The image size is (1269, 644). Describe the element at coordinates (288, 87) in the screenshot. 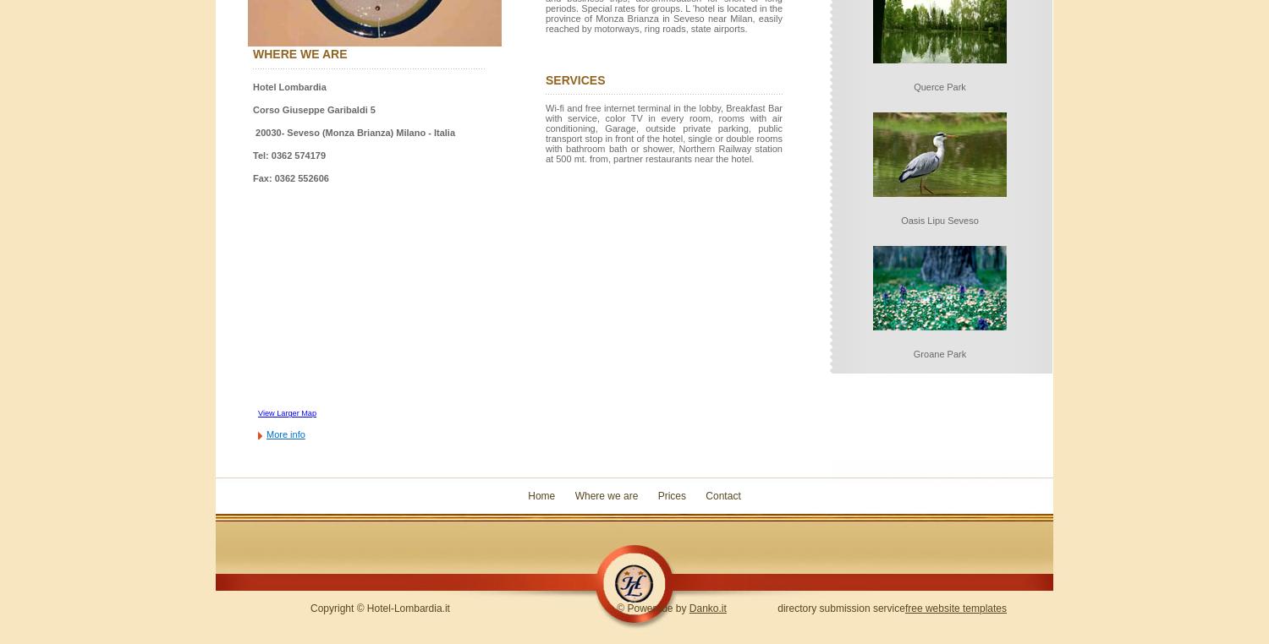

I see `'Hotel Lombardia'` at that location.